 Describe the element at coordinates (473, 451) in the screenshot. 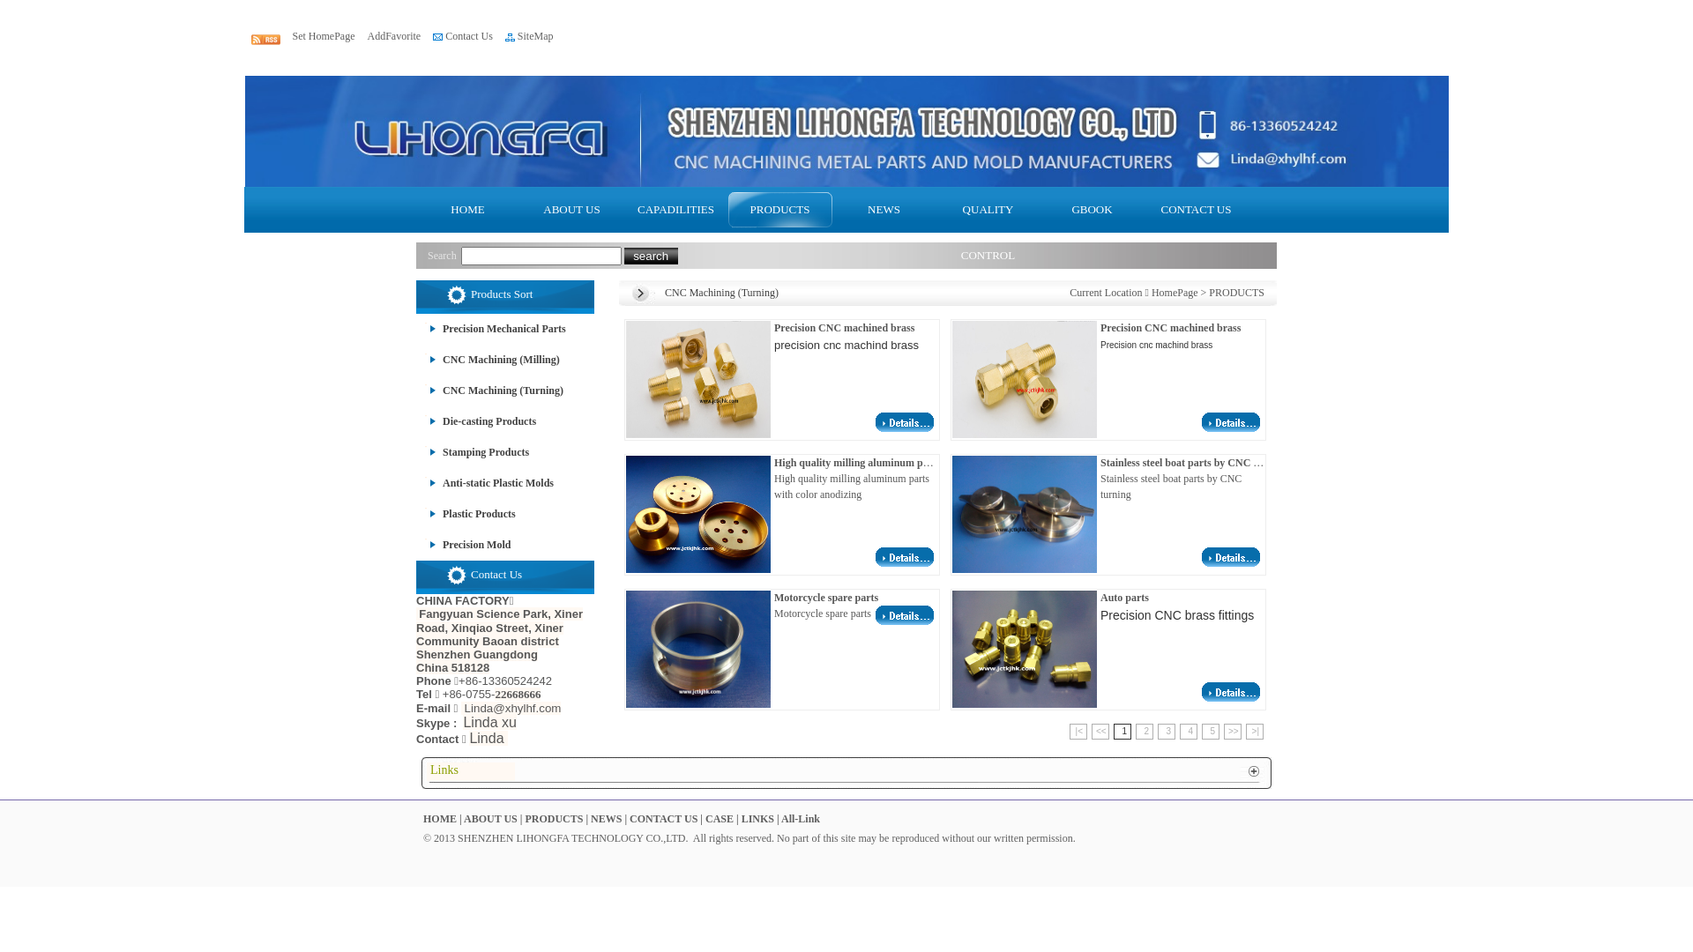

I see `'Stamping Products'` at that location.